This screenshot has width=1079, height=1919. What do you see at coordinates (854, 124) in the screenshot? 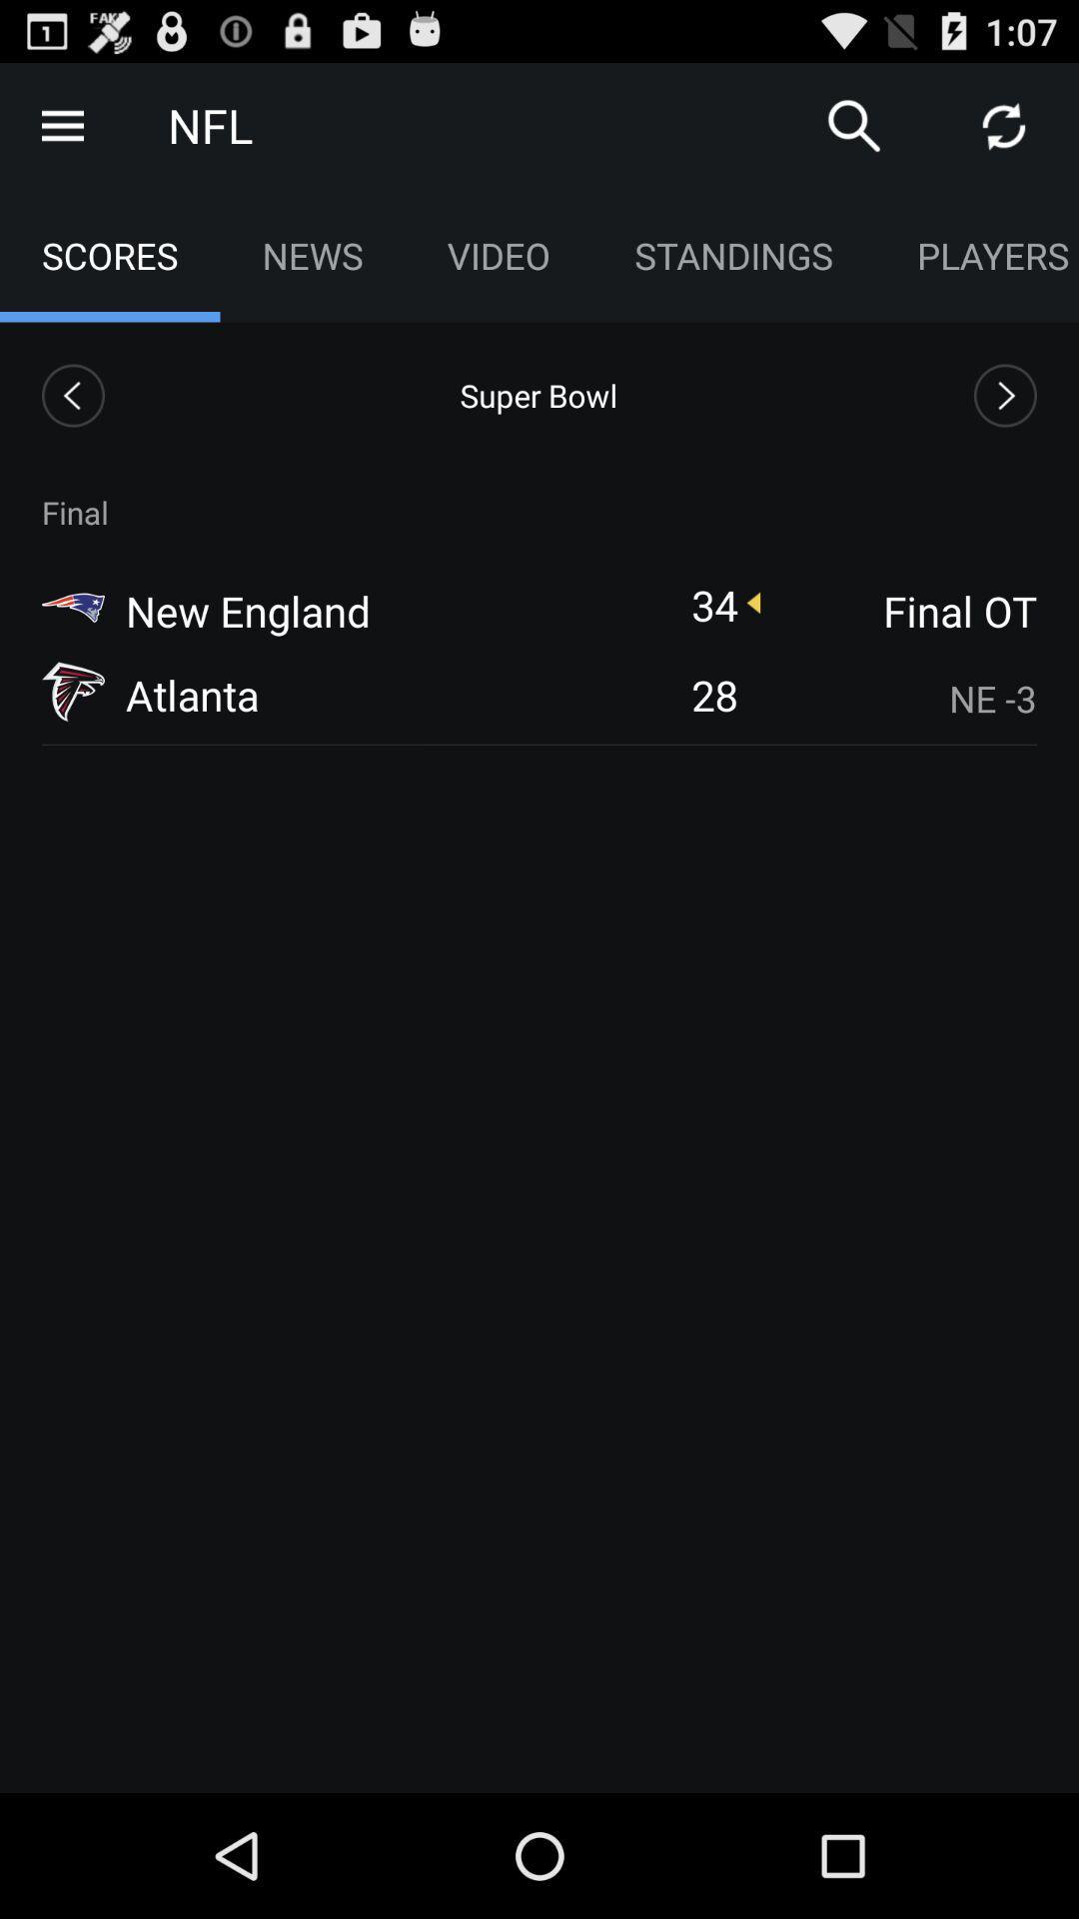
I see `search` at bounding box center [854, 124].